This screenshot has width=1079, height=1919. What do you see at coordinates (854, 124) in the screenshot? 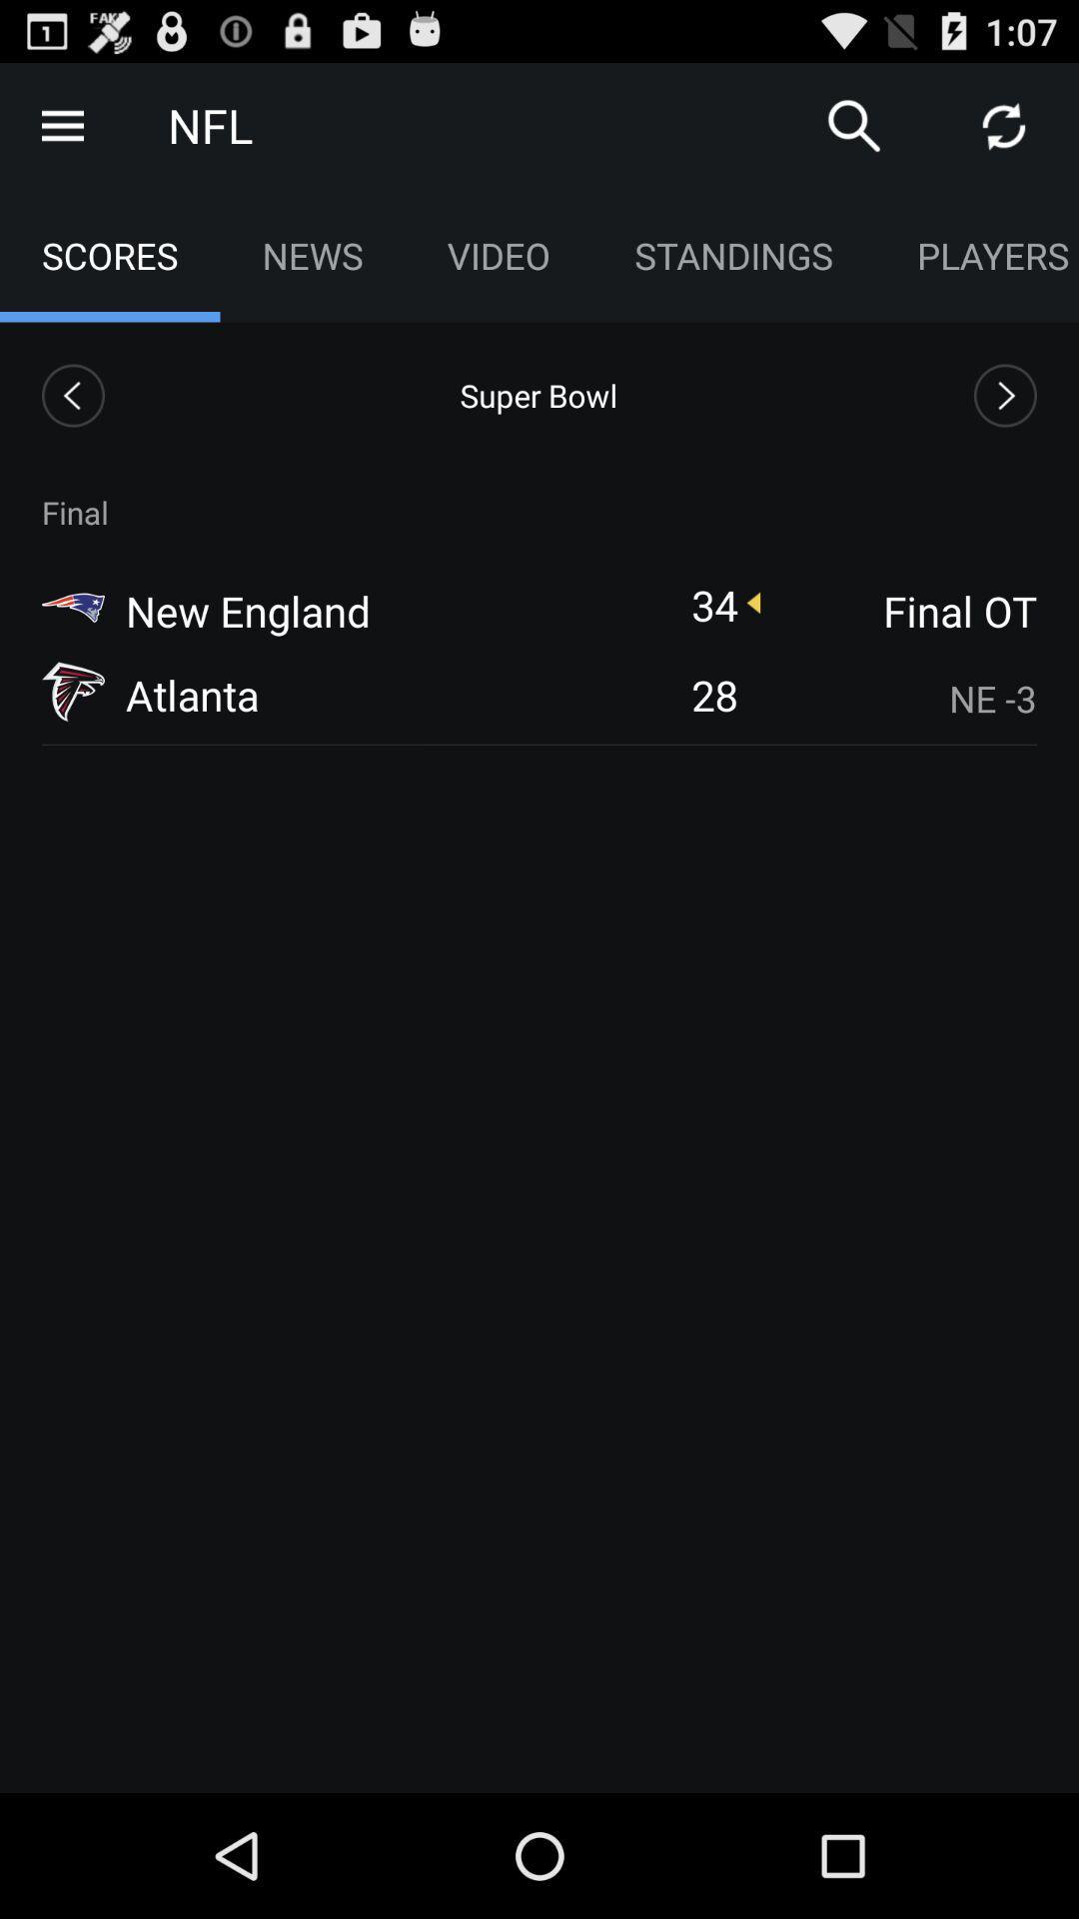
I see `search` at bounding box center [854, 124].